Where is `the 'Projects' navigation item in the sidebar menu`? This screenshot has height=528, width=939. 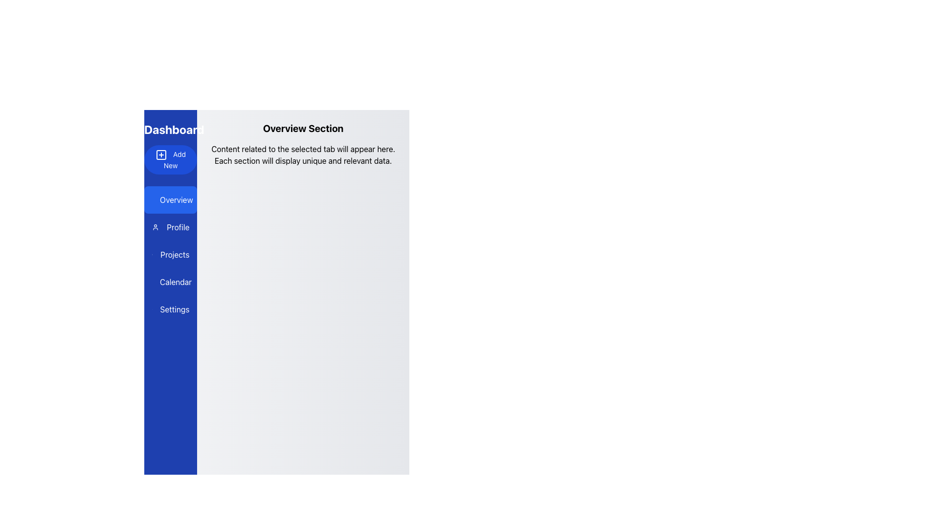
the 'Projects' navigation item in the sidebar menu is located at coordinates (171, 254).